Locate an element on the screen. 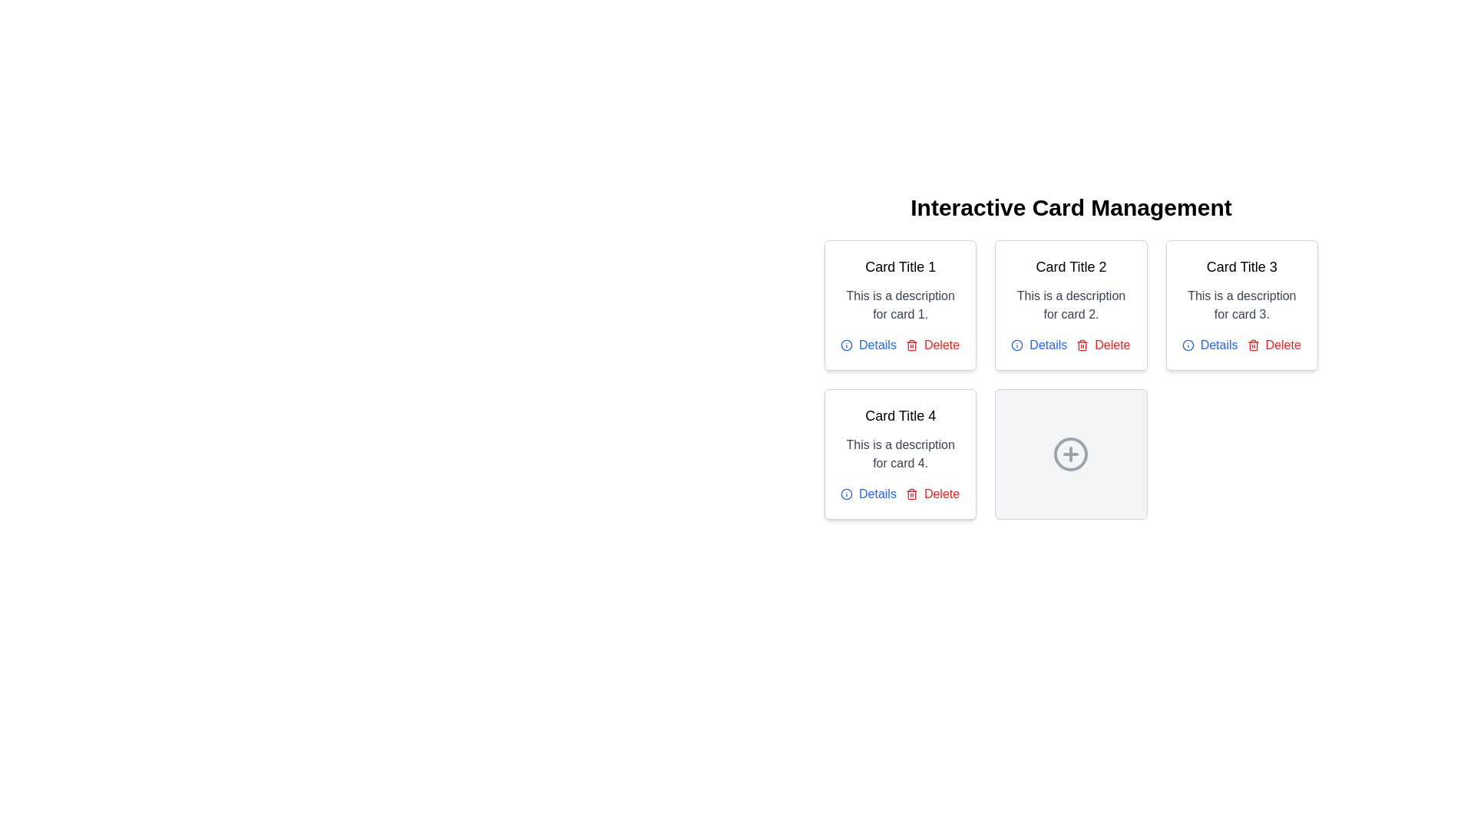 The height and width of the screenshot is (829, 1474). the circular icon with a blue outline and an 'i' symbol, which is part of the 'Details' link text in the fourth card is located at coordinates (846, 494).